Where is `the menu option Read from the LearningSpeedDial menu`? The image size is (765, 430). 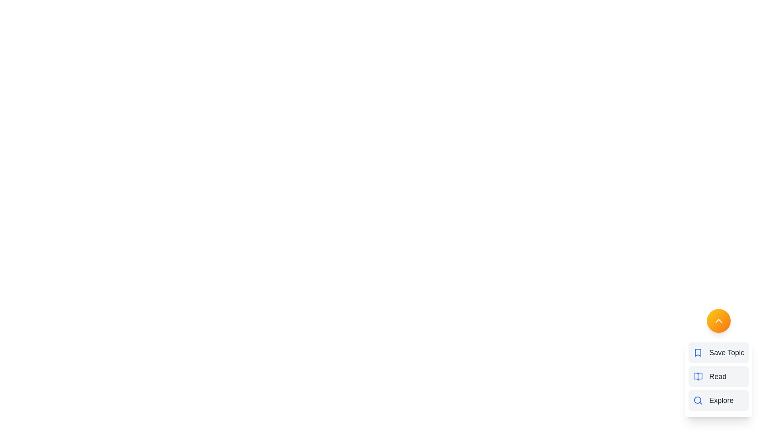 the menu option Read from the LearningSpeedDial menu is located at coordinates (719, 376).